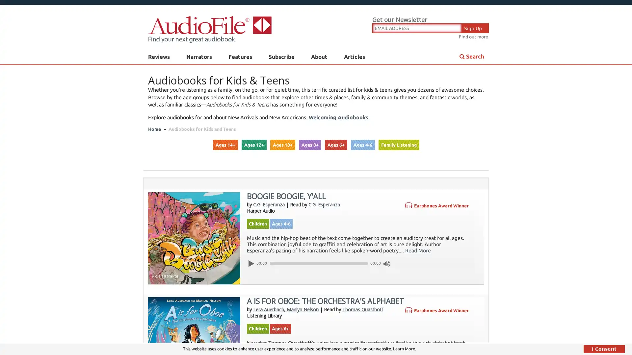  Describe the element at coordinates (382, 144) in the screenshot. I see `Submit` at that location.